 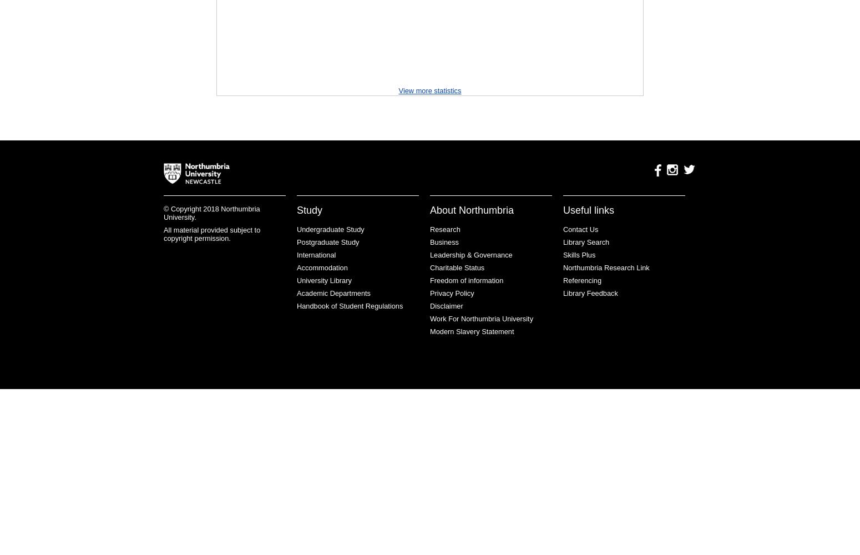 What do you see at coordinates (471, 210) in the screenshot?
I see `'About Northumbria'` at bounding box center [471, 210].